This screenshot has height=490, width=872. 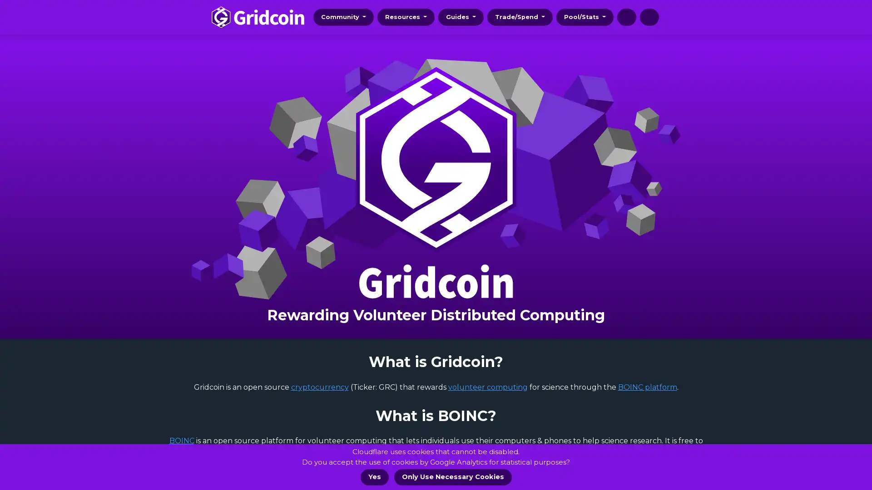 I want to click on Only Use Necessary Cookies, so click(x=452, y=477).